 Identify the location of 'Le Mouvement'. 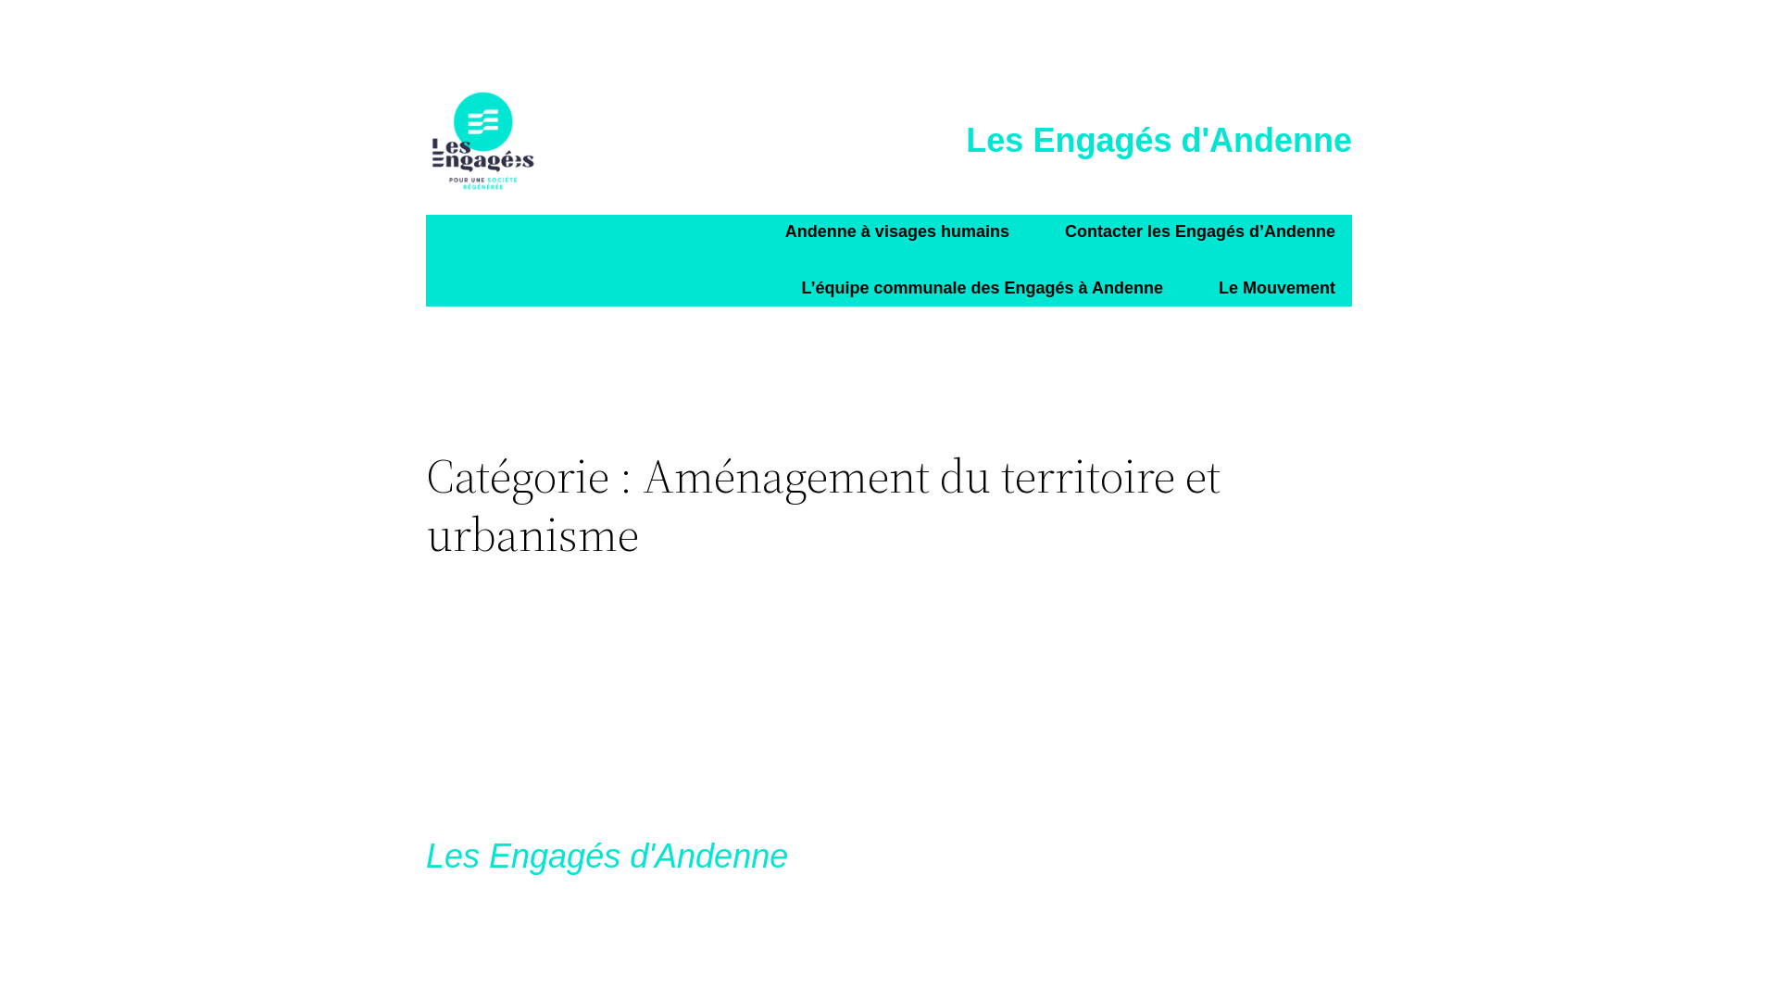
(1275, 289).